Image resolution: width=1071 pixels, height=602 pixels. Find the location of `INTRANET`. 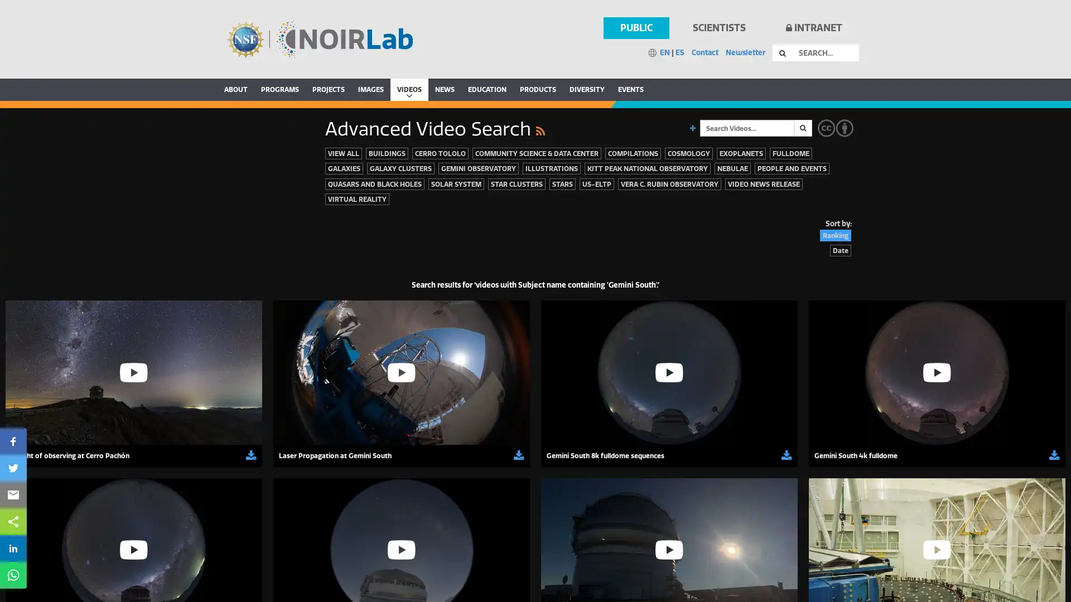

INTRANET is located at coordinates (813, 27).